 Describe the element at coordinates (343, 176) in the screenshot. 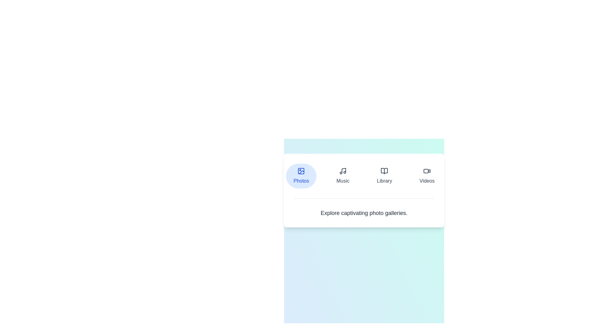

I see `the 'Music' button in the navigation menu` at that location.